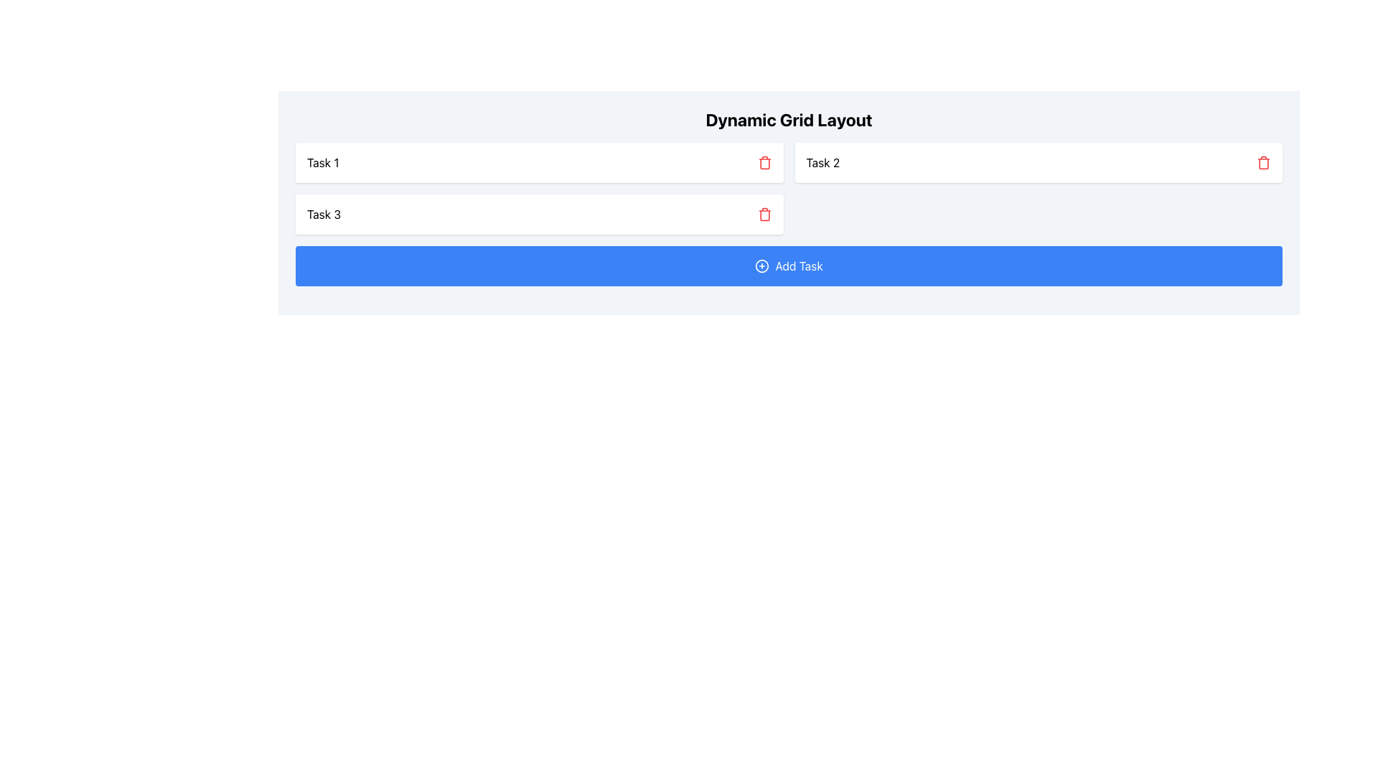 The image size is (1378, 775). I want to click on the Label element located at the top of the main panel, which serves as the title for the section containing the task items, so click(788, 118).